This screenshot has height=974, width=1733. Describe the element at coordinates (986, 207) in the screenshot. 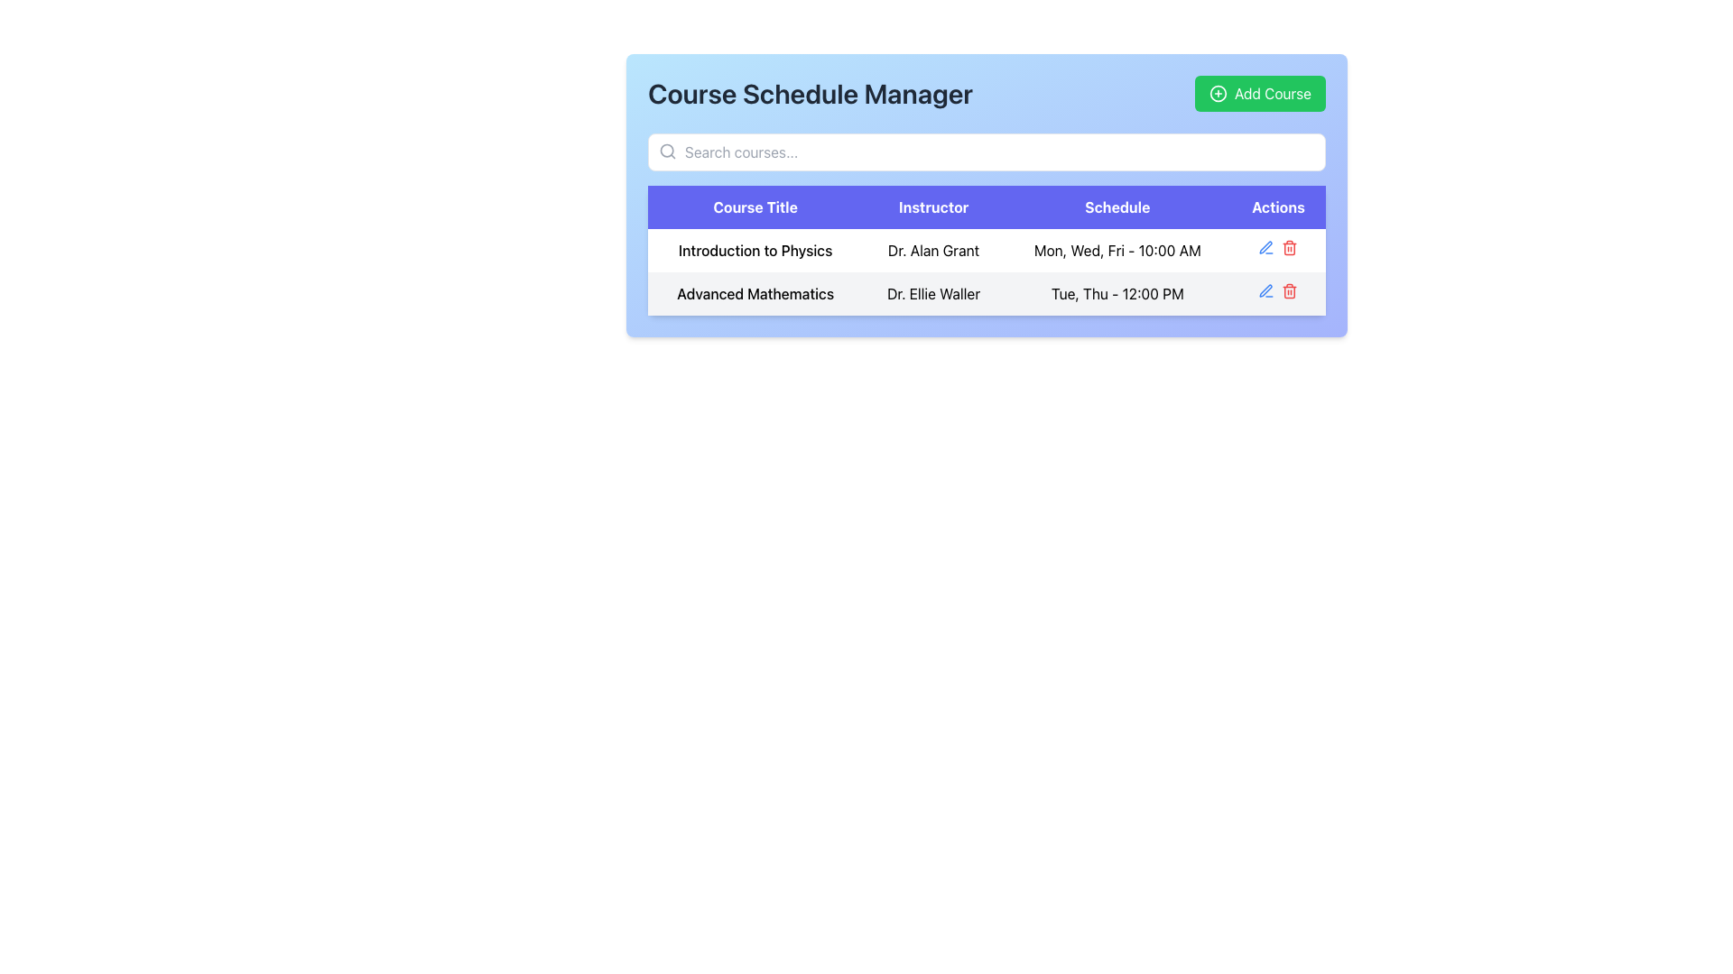

I see `Table Header Row that organizes course information, labeling the columns for the data contained in the table` at that location.